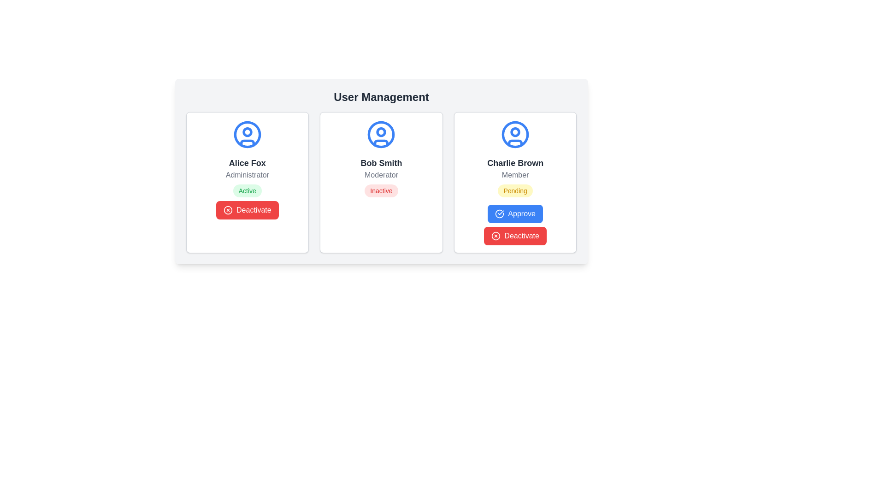 The width and height of the screenshot is (885, 498). Describe the element at coordinates (381, 135) in the screenshot. I see `the user icon at the top center of the card labeled 'Bob Smith Moderator Inactive', which features a blue circular outline with a smaller circle and a semi-circular shape` at that location.